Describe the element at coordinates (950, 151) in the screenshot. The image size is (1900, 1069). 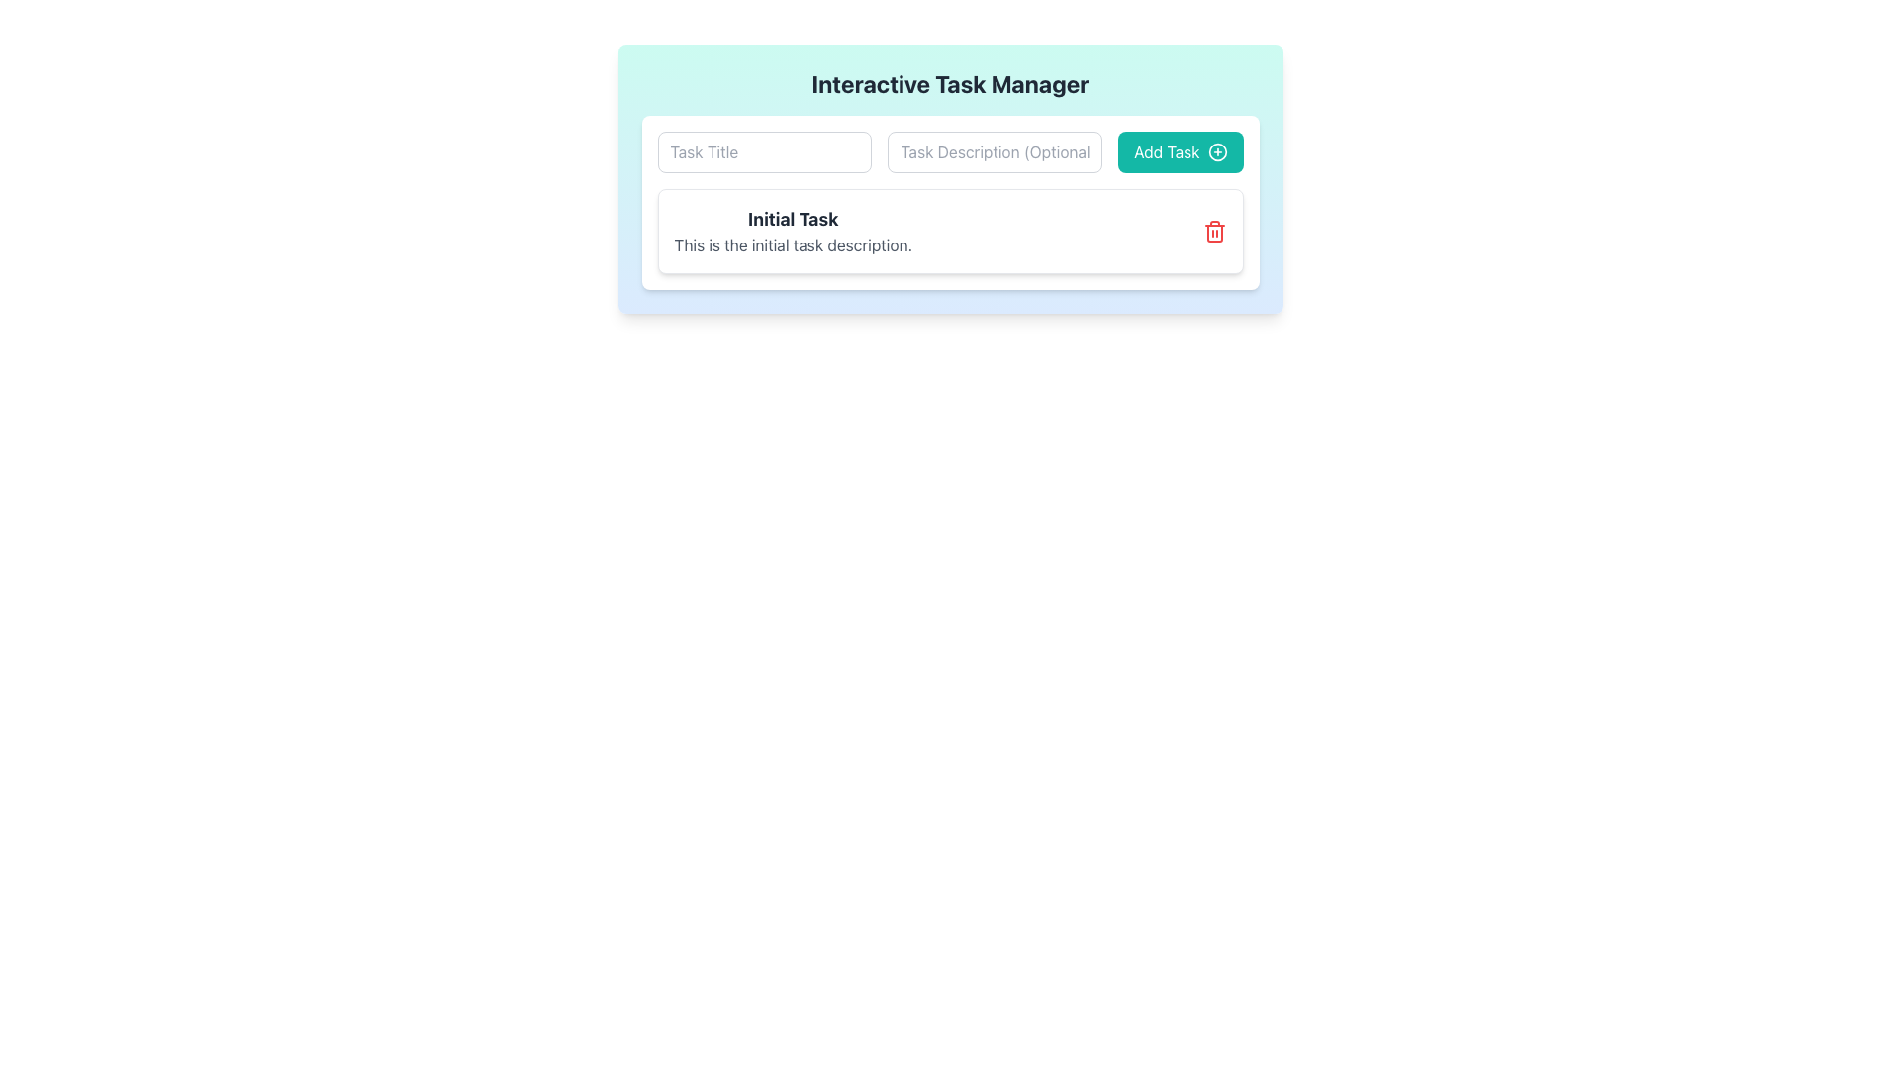
I see `the textbox labeled 'Task Description (Optional)' to select the placeholder text` at that location.